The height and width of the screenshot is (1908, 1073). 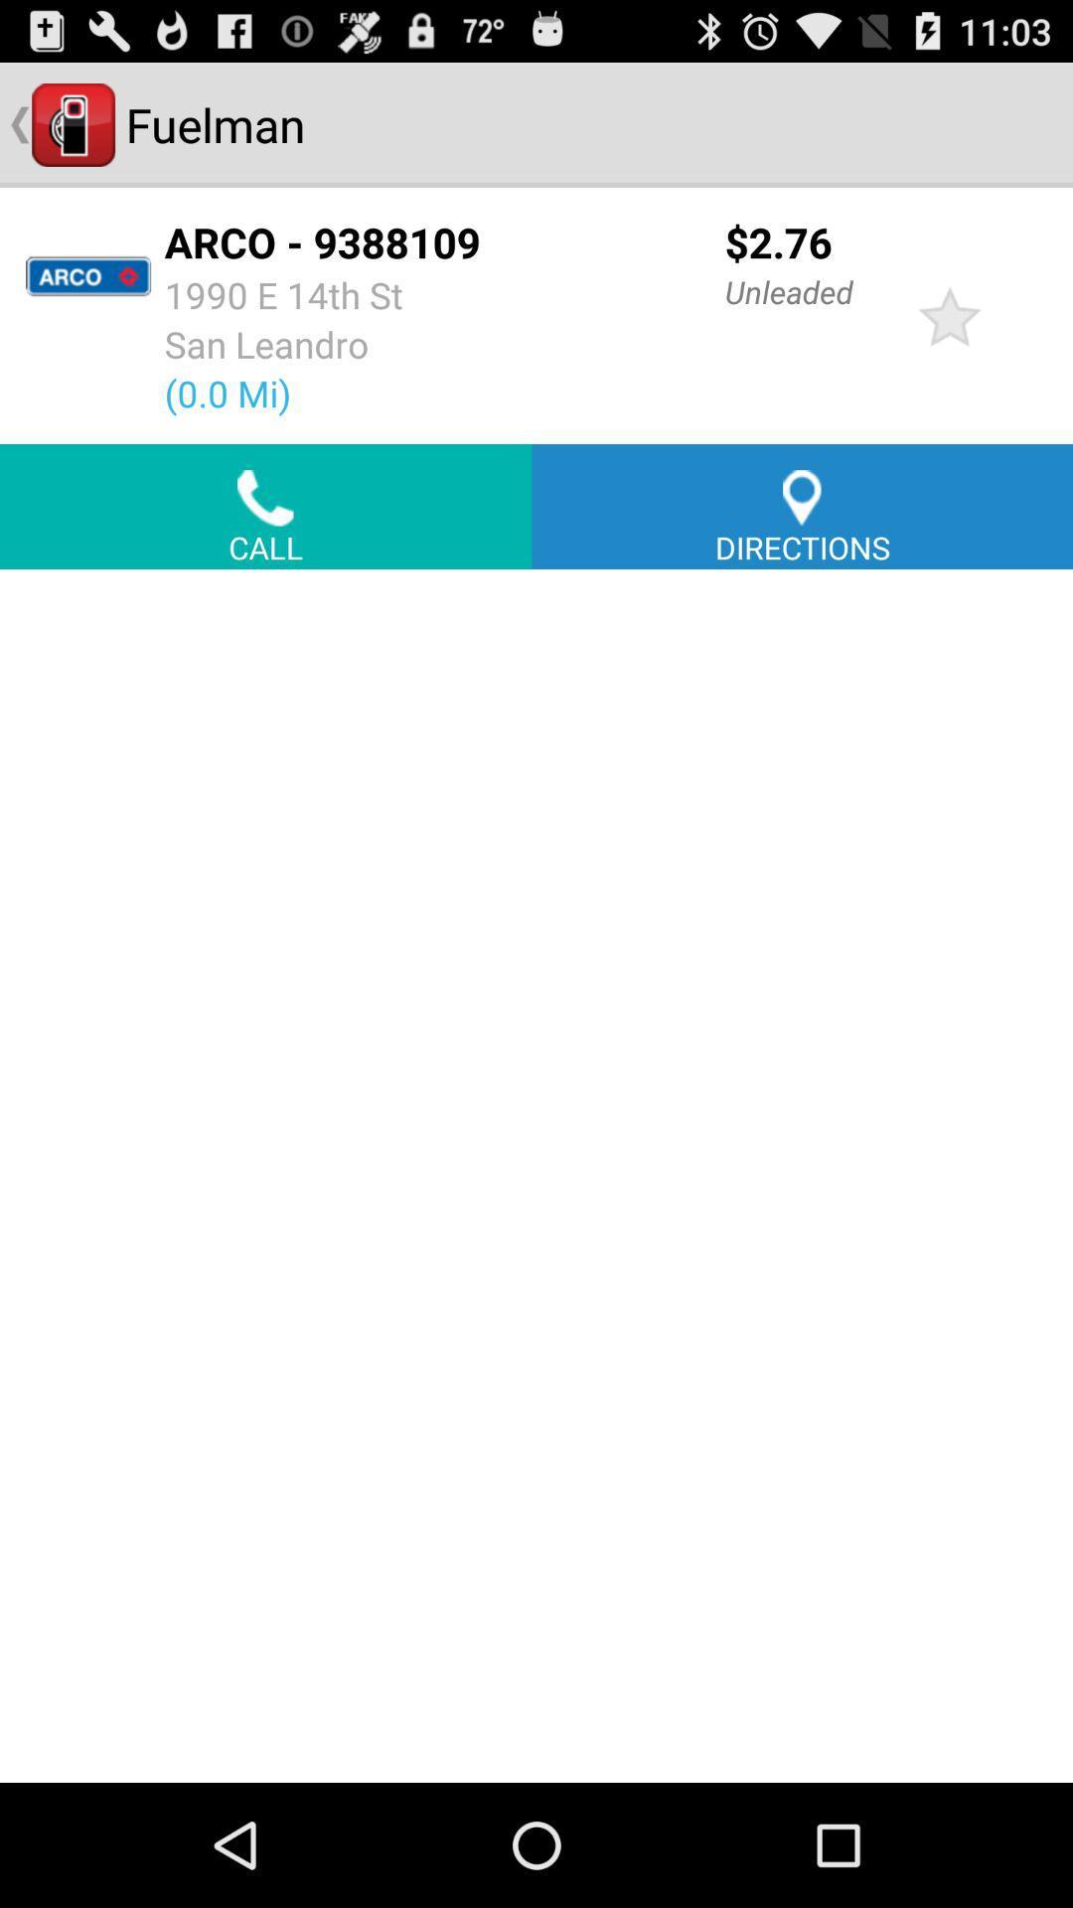 I want to click on mark the location, so click(x=949, y=314).